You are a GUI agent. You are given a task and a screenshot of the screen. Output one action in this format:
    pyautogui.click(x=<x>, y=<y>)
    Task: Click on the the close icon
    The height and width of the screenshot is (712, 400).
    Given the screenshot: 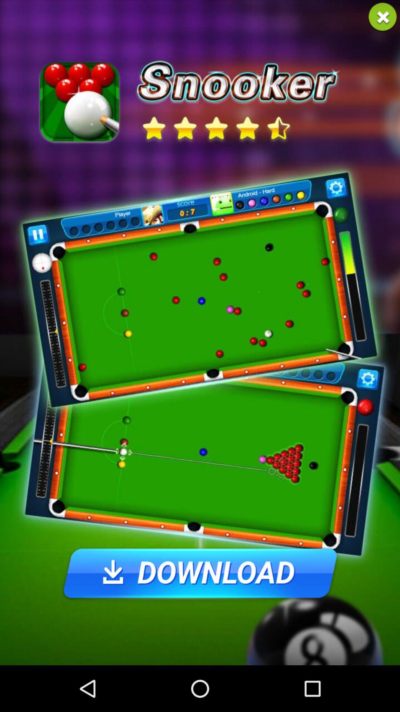 What is the action you would take?
    pyautogui.click(x=383, y=19)
    